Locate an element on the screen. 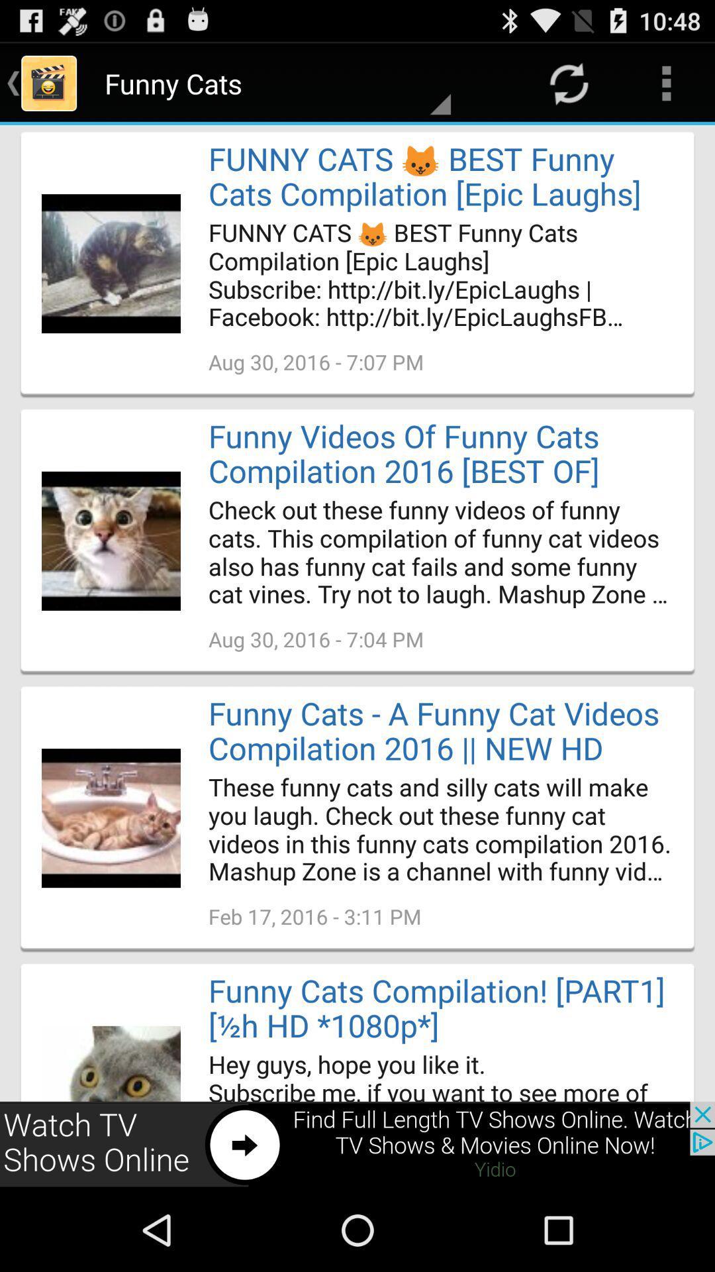 This screenshot has height=1272, width=715. advertisement page is located at coordinates (358, 1144).